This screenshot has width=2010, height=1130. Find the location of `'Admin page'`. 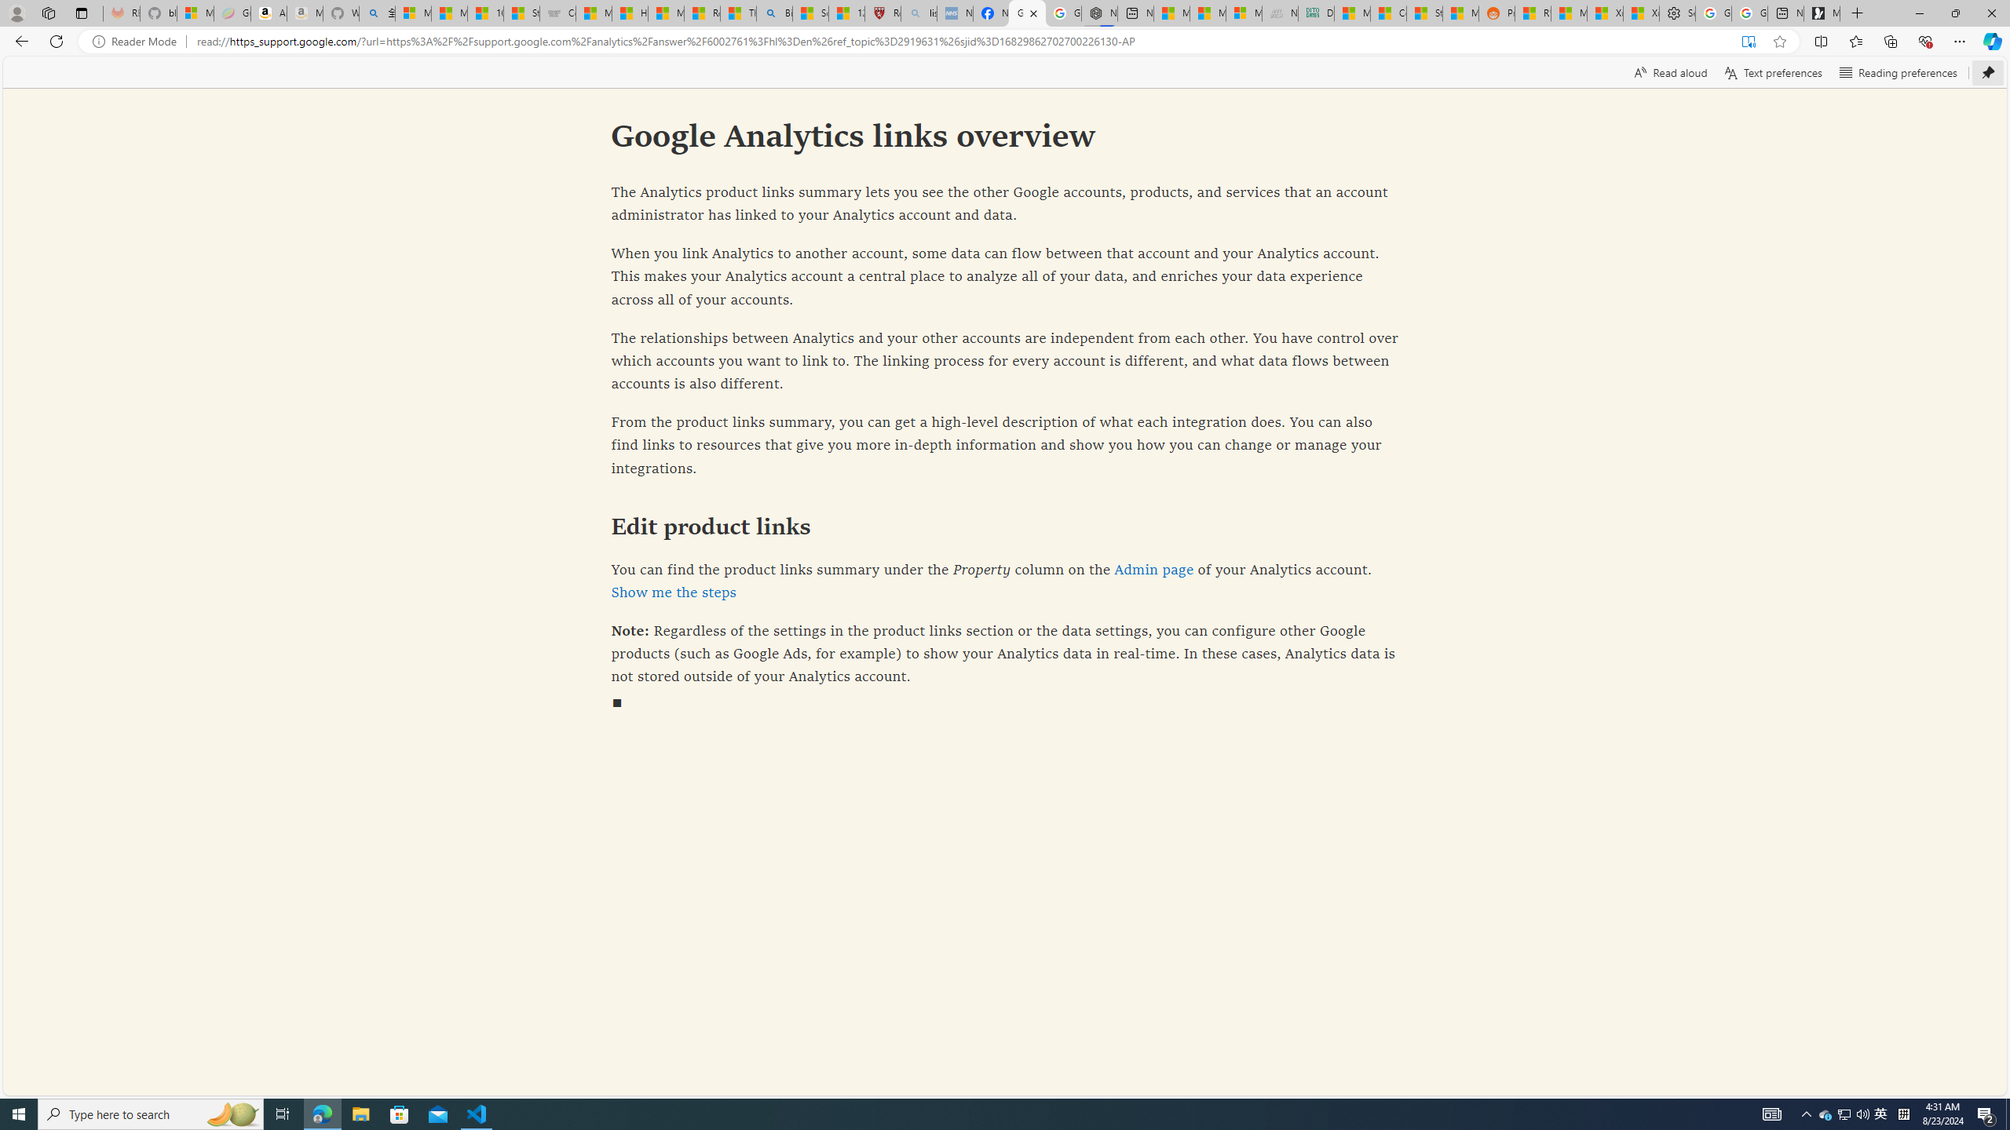

'Admin page' is located at coordinates (1153, 569).